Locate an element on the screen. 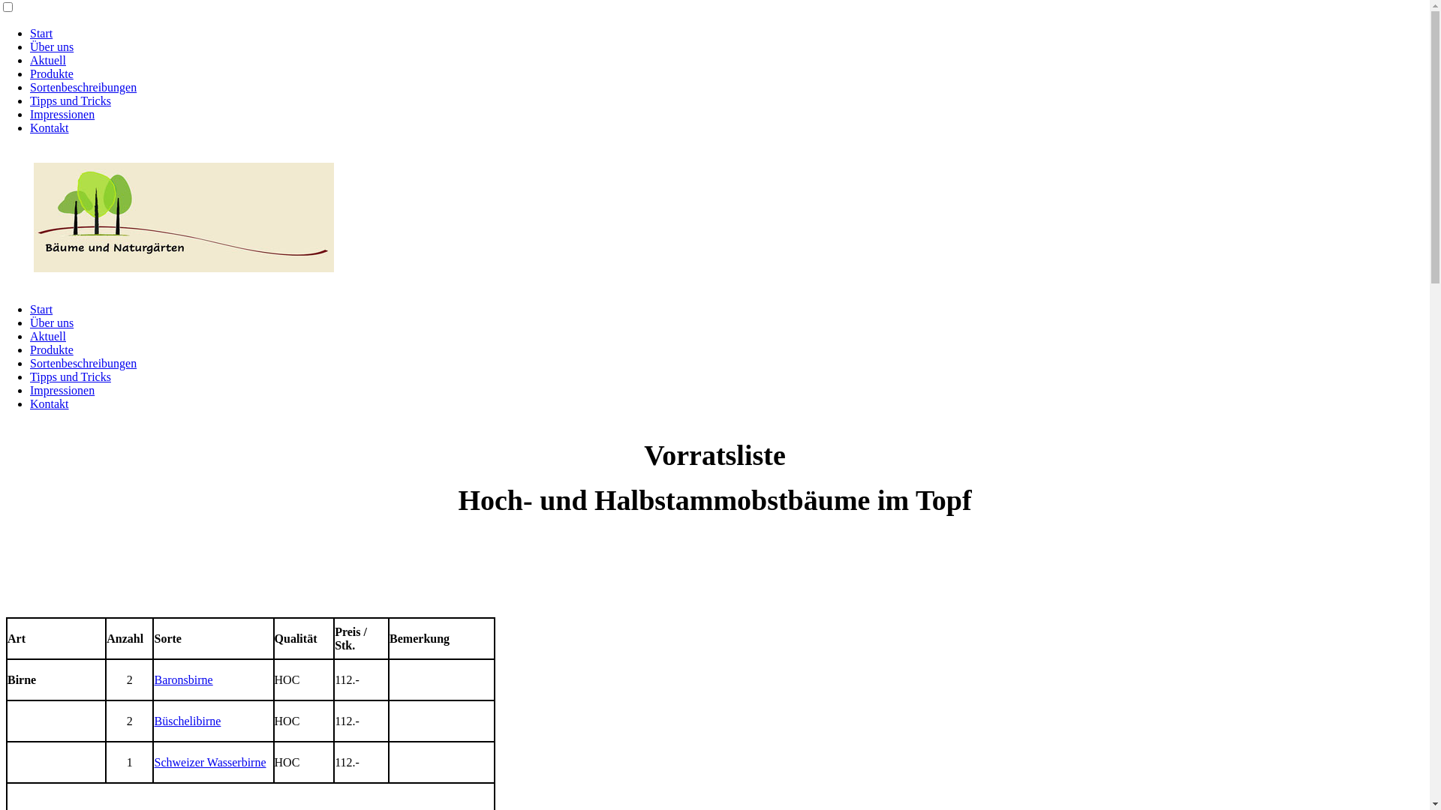 This screenshot has height=810, width=1441. 'Aktuell' is located at coordinates (47, 335).